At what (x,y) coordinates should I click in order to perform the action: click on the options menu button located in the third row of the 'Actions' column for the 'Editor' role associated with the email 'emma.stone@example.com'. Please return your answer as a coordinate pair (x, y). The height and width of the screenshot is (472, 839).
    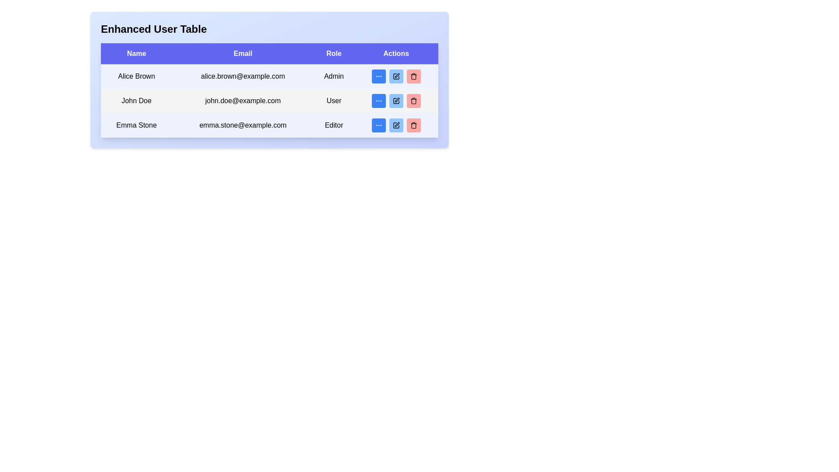
    Looking at the image, I should click on (378, 125).